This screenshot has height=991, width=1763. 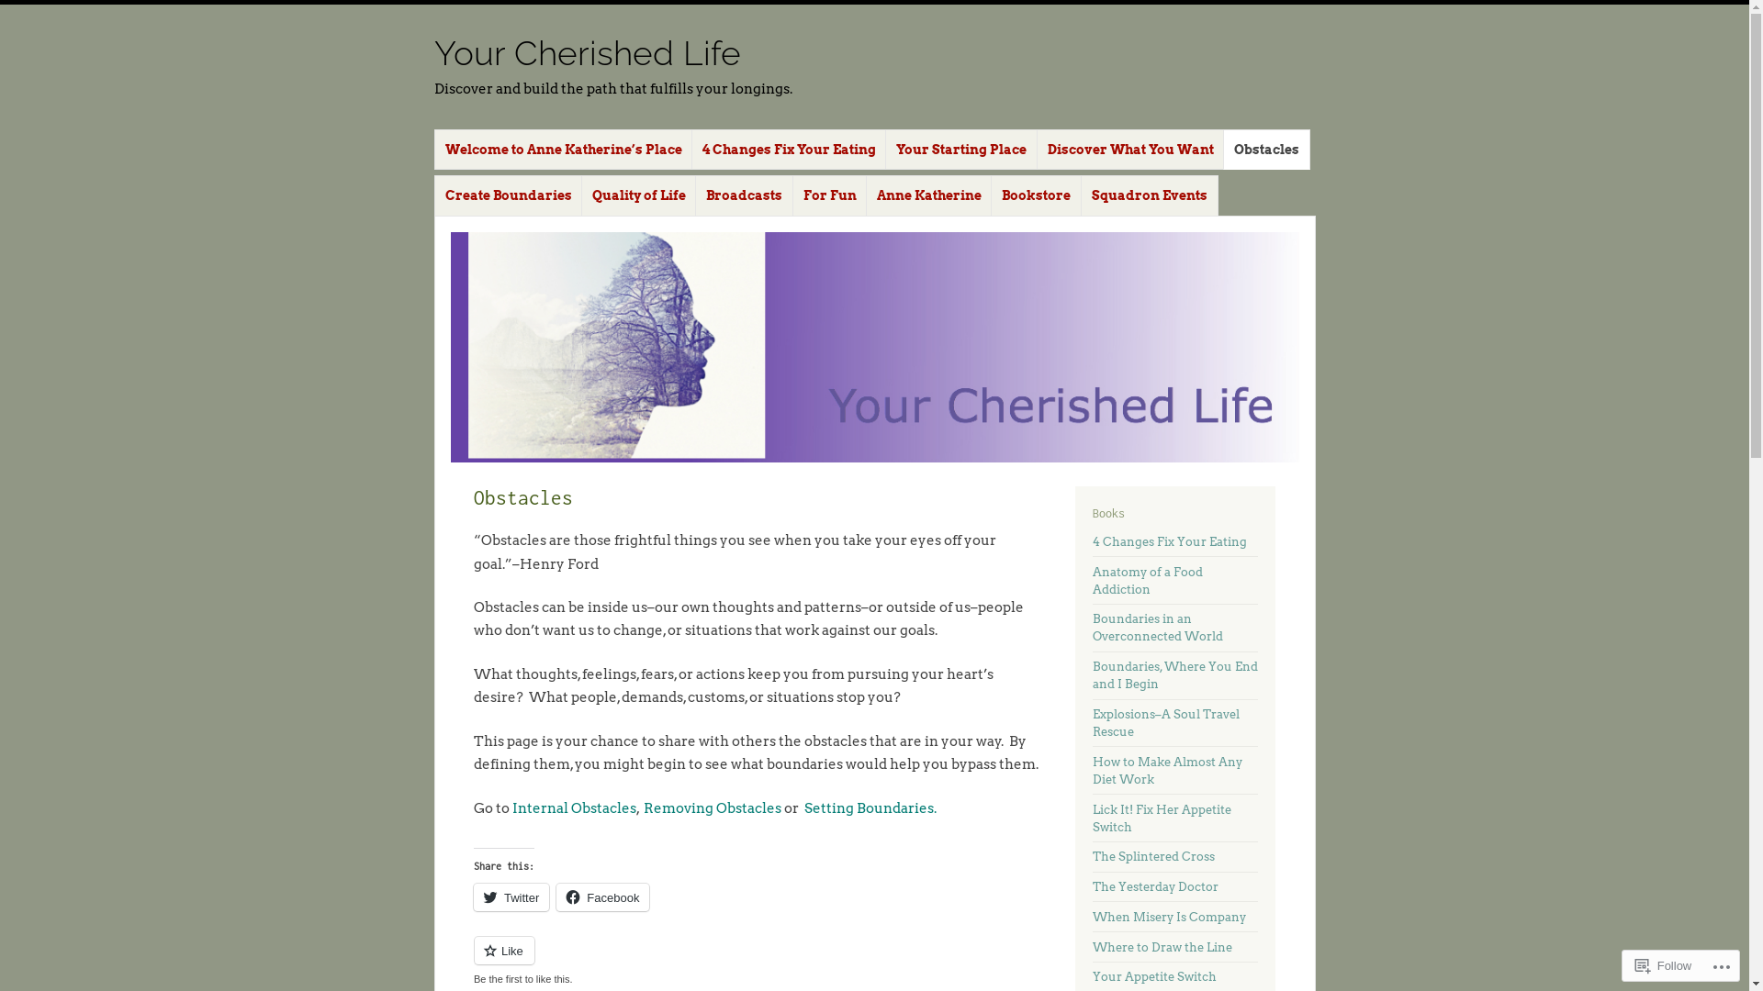 What do you see at coordinates (1664, 964) in the screenshot?
I see `'Follow'` at bounding box center [1664, 964].